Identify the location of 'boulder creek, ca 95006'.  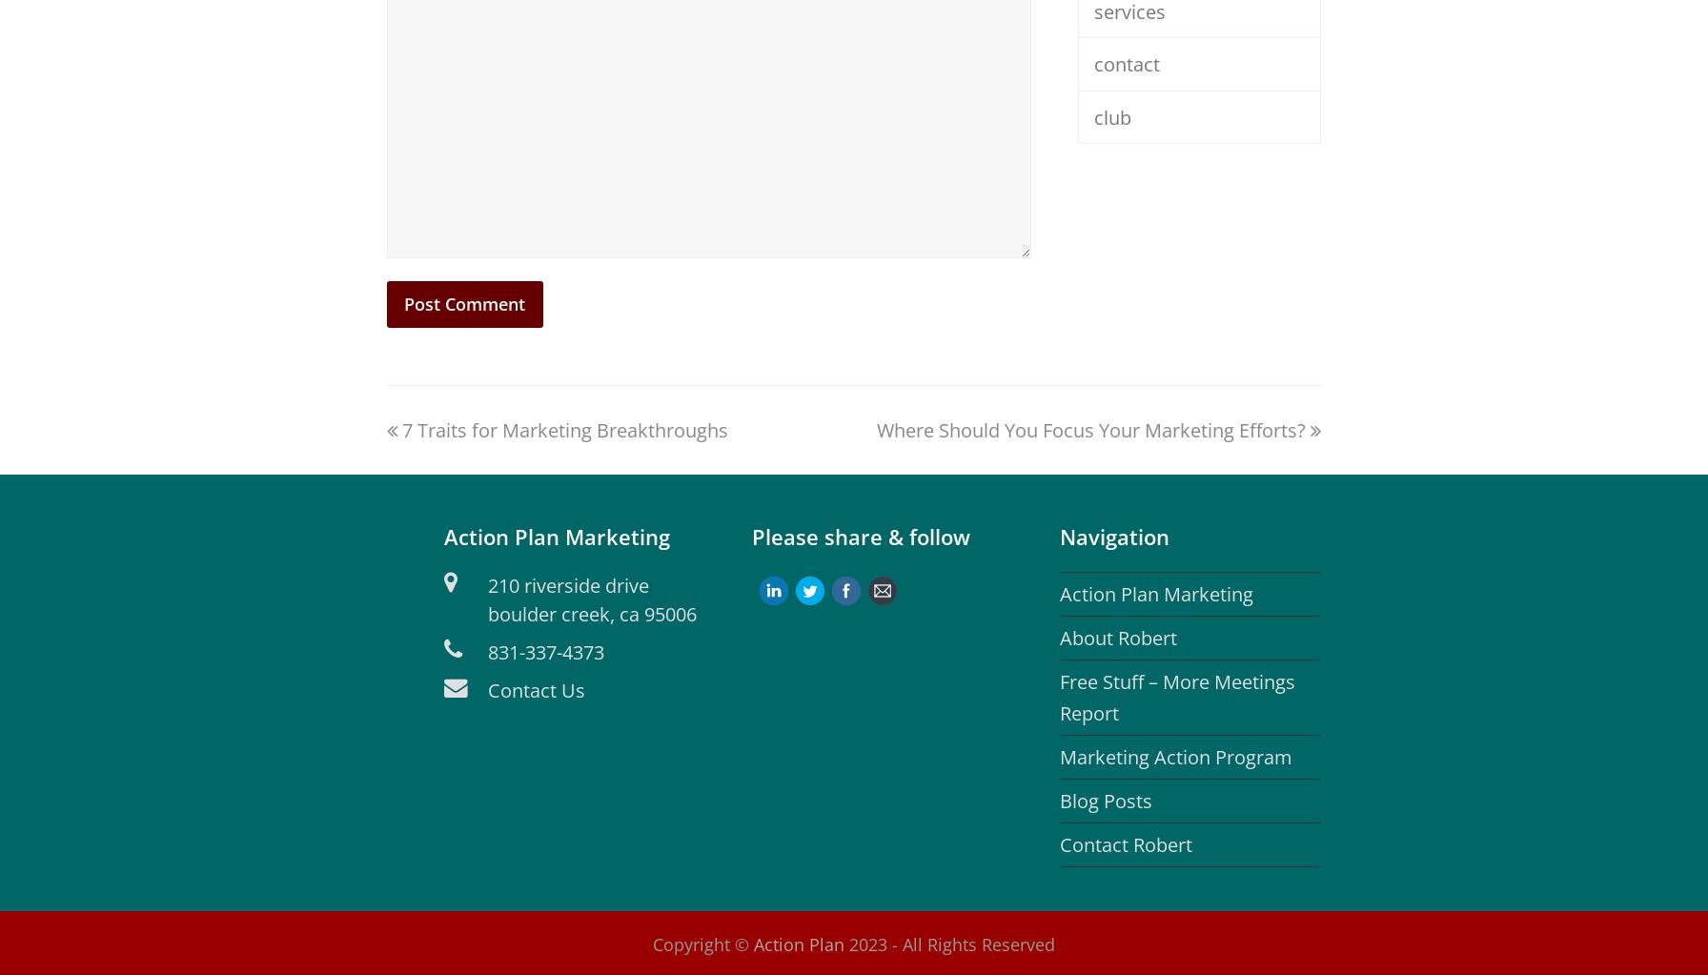
(592, 614).